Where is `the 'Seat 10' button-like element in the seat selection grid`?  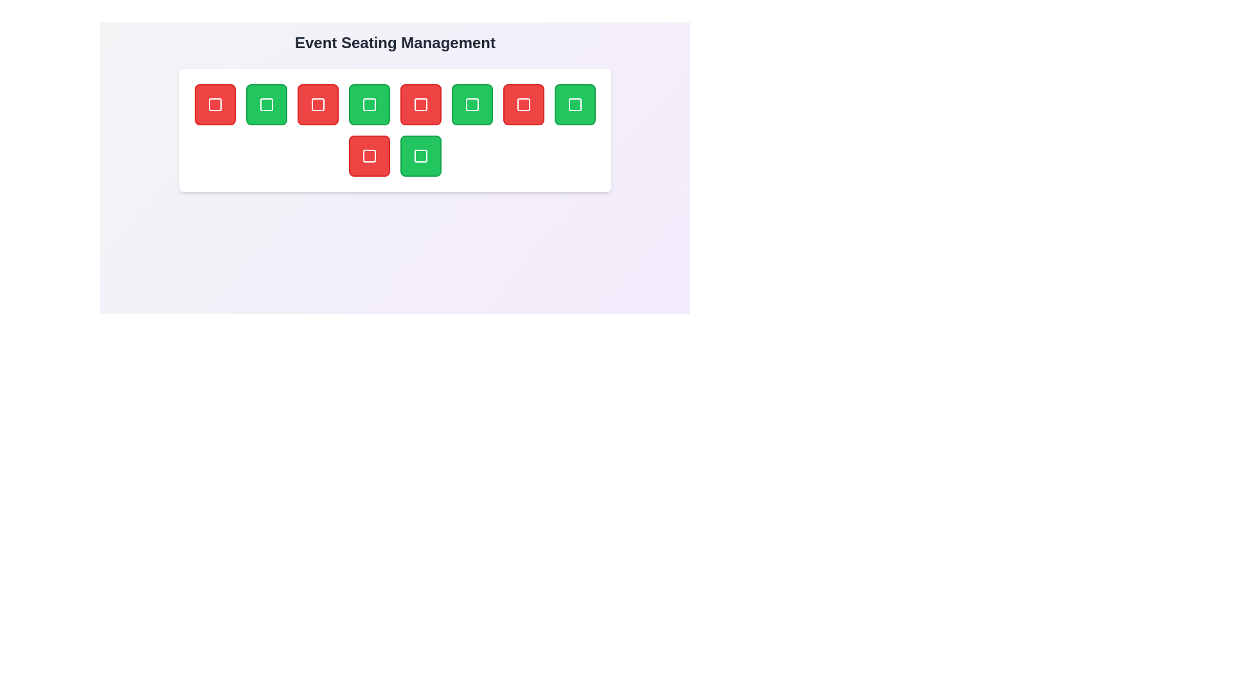
the 'Seat 10' button-like element in the seat selection grid is located at coordinates (420, 156).